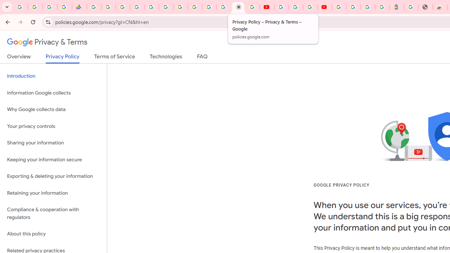 The height and width of the screenshot is (253, 450). What do you see at coordinates (53, 92) in the screenshot?
I see `'Information Google collects'` at bounding box center [53, 92].